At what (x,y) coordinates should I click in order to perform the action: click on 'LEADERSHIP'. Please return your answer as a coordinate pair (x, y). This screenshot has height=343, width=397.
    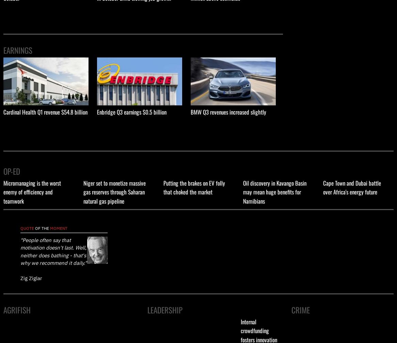
    Looking at the image, I should click on (165, 310).